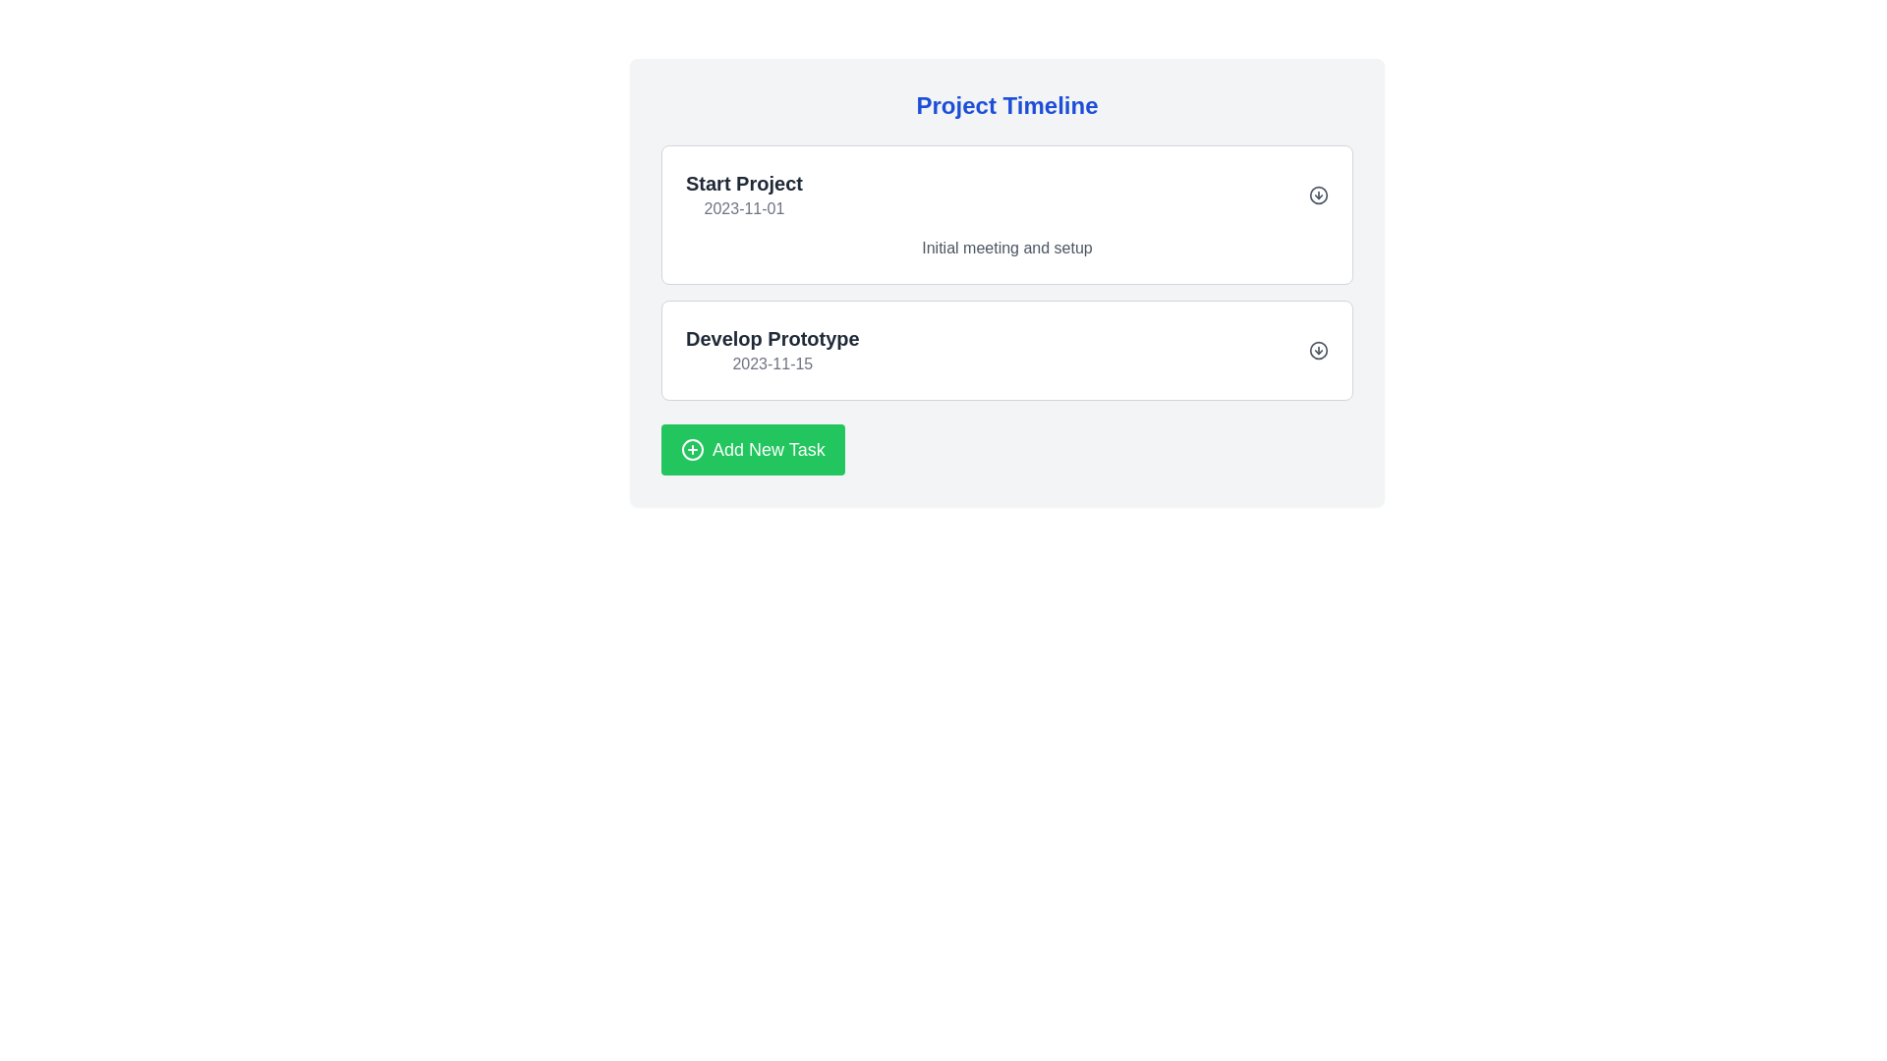 The image size is (1887, 1061). I want to click on the text label providing a subtitle or description related to the 'Start Project' task, located underneath the heading 'Start Project' and the date '2023-11-01', so click(1007, 248).